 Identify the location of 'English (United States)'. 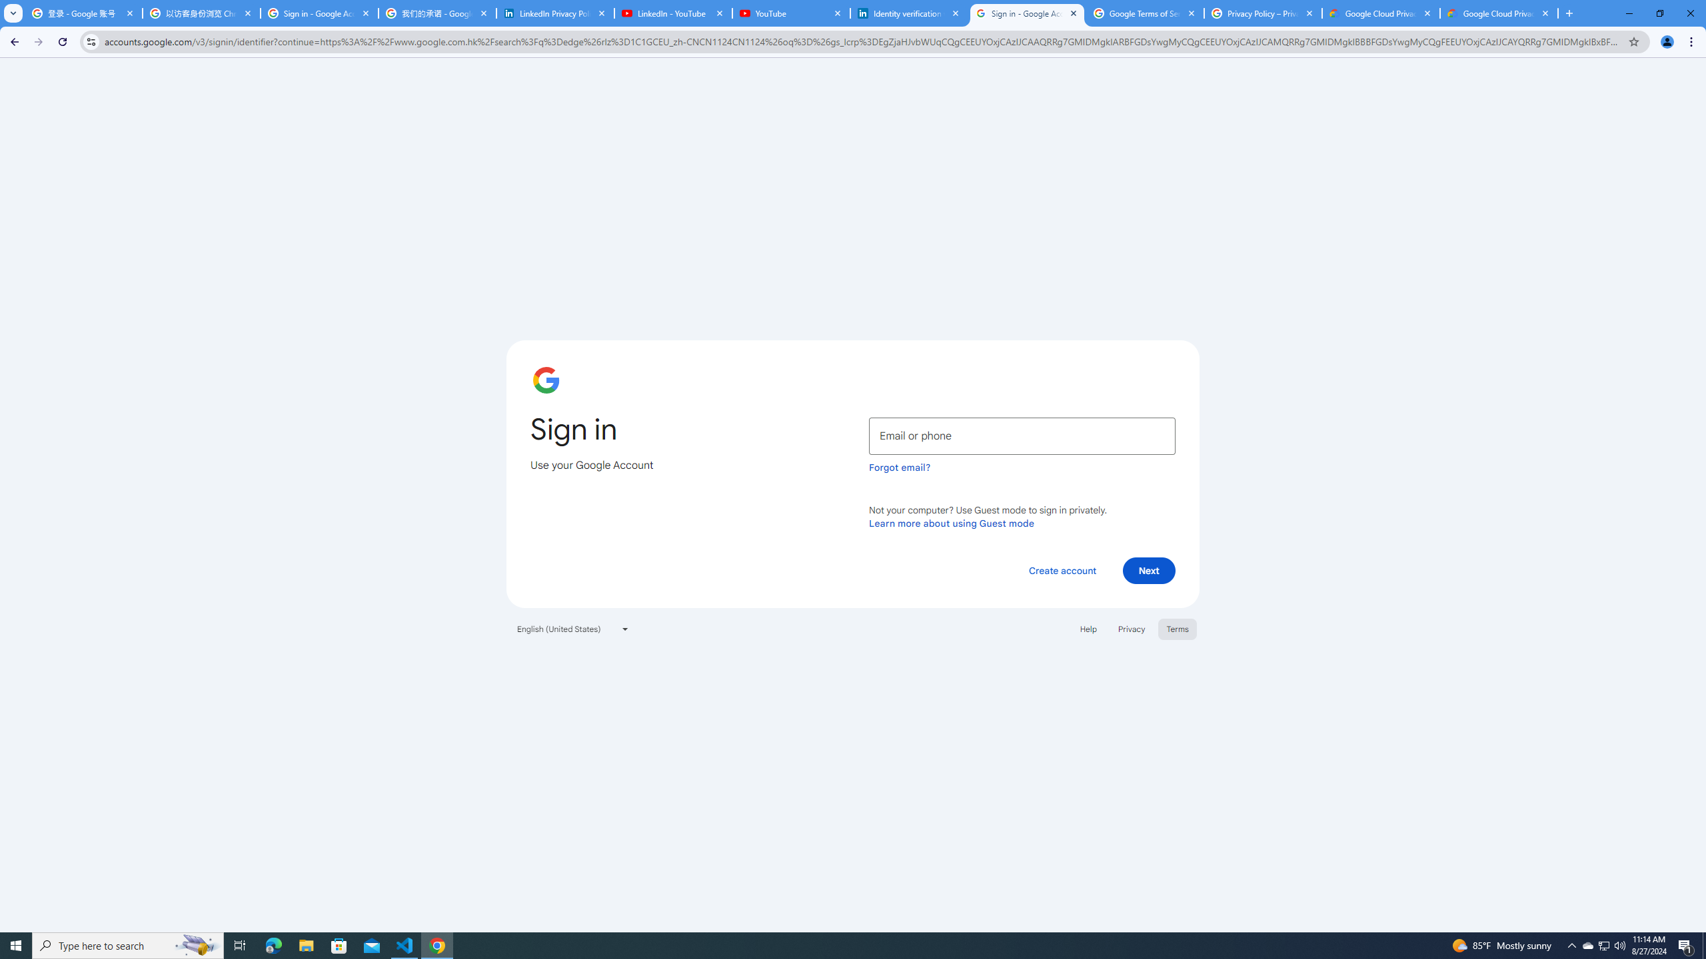
(573, 627).